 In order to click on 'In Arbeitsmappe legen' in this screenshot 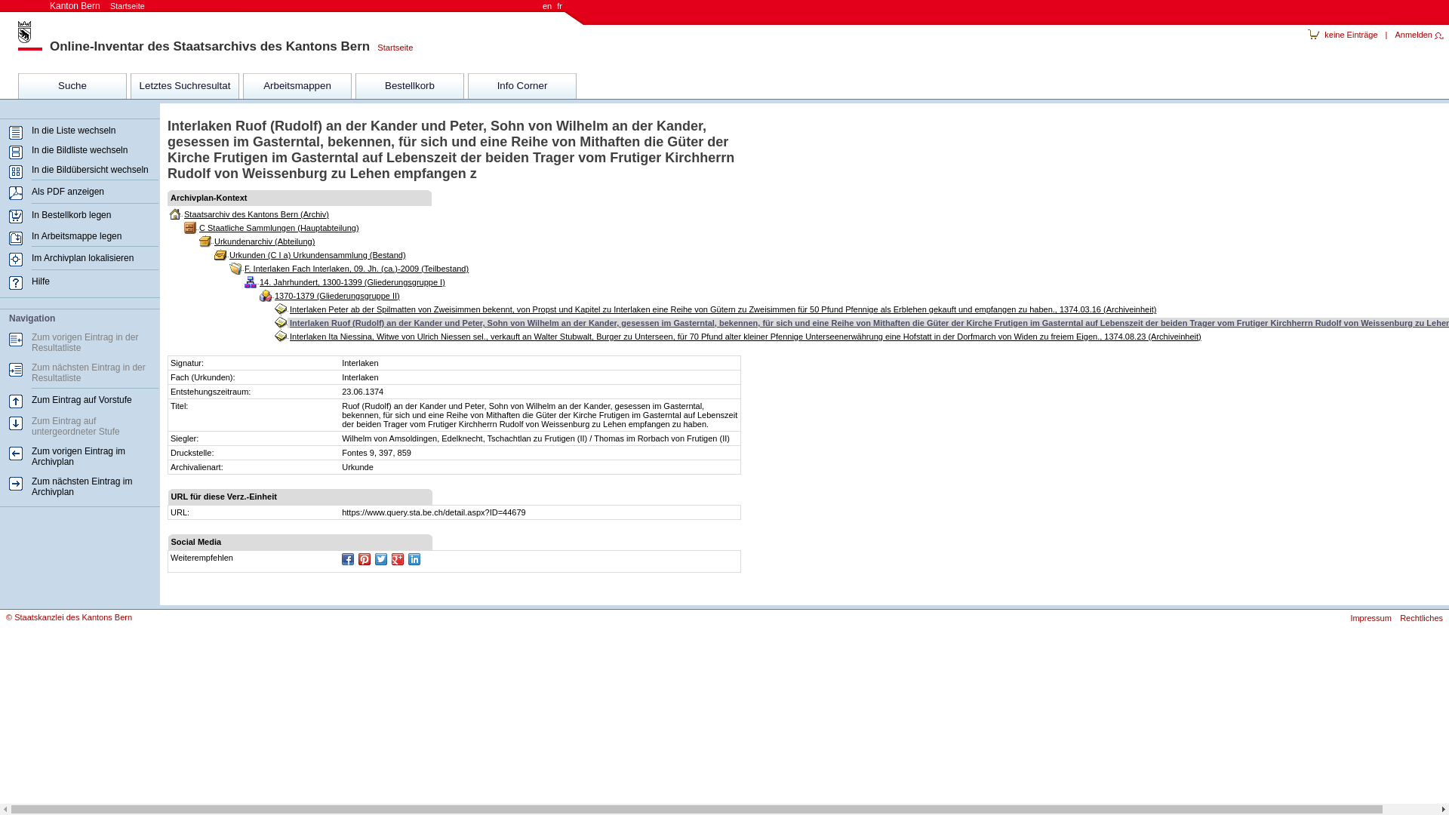, I will do `click(75, 235)`.